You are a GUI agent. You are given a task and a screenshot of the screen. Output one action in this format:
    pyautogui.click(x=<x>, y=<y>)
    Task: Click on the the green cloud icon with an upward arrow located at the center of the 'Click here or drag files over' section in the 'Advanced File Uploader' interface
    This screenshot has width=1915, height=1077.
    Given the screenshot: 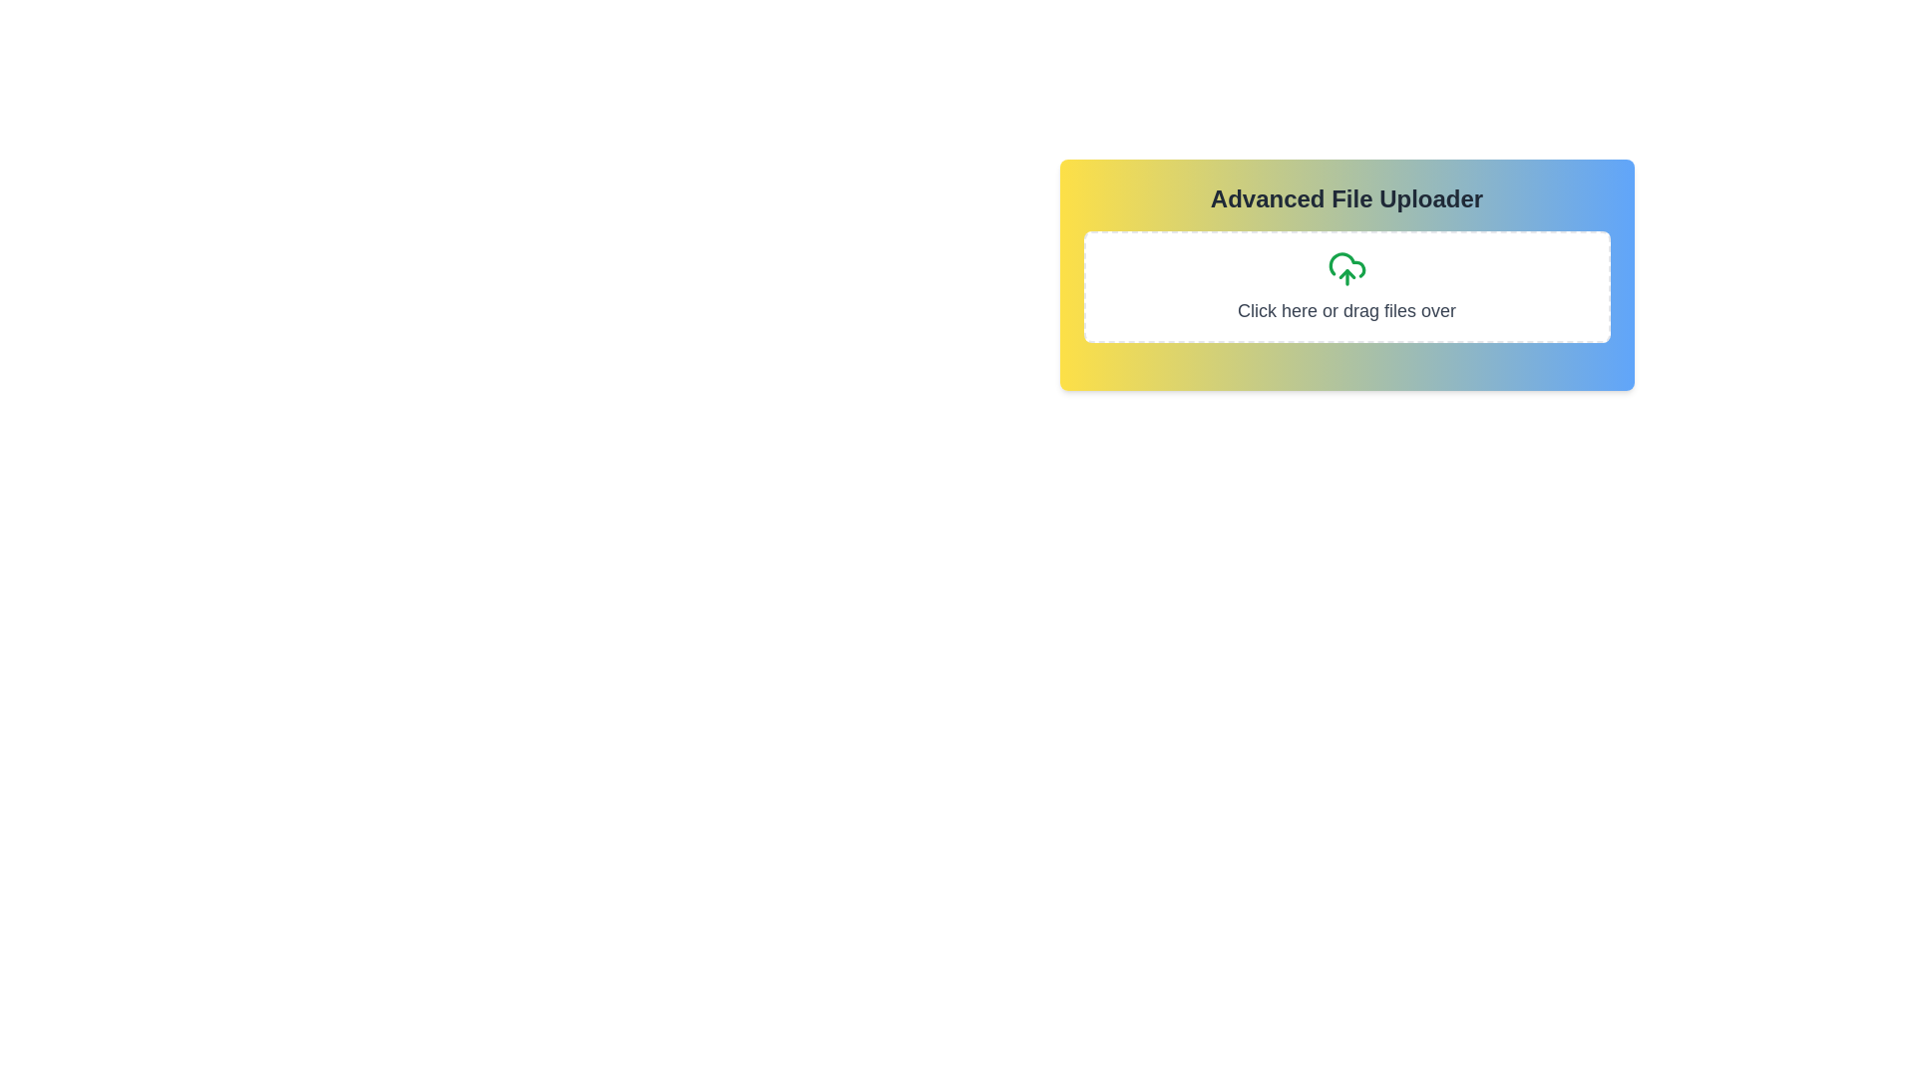 What is the action you would take?
    pyautogui.click(x=1346, y=269)
    